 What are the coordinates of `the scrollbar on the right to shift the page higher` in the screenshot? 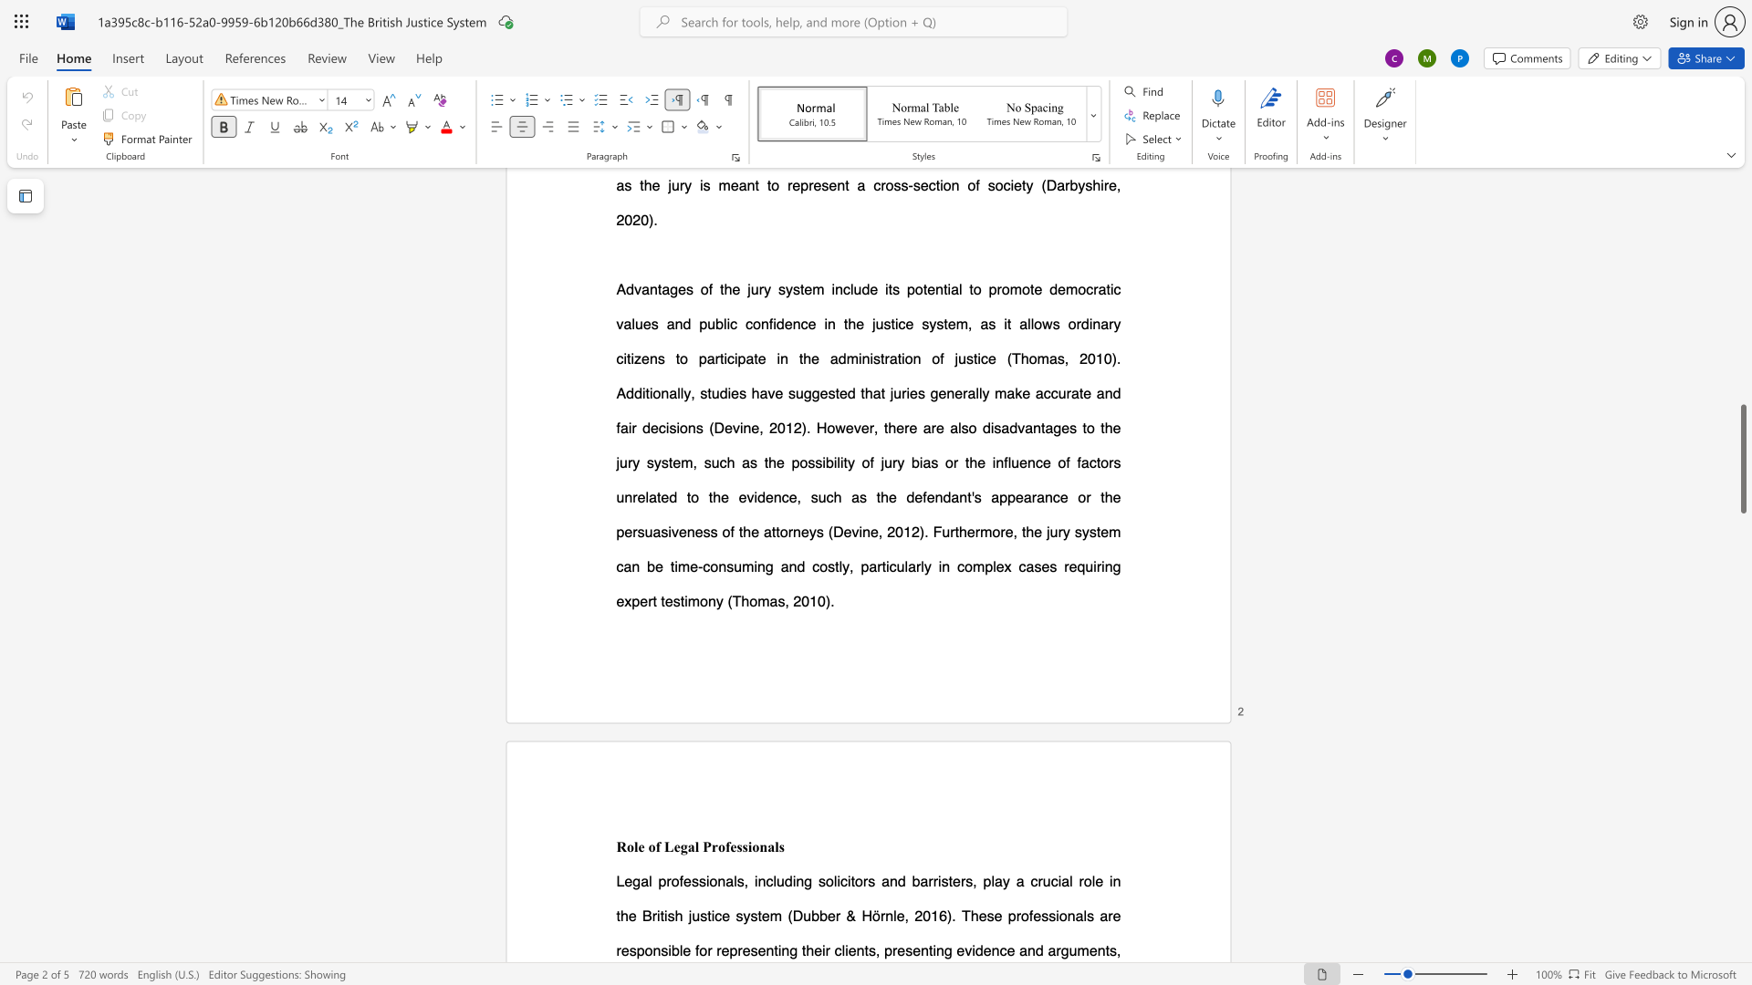 It's located at (1742, 255).